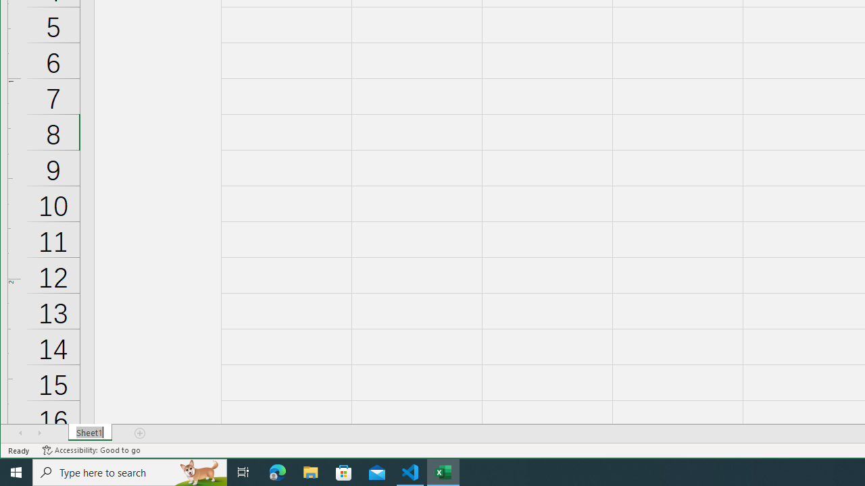 This screenshot has width=865, height=486. What do you see at coordinates (141, 433) in the screenshot?
I see `'Add Sheet'` at bounding box center [141, 433].